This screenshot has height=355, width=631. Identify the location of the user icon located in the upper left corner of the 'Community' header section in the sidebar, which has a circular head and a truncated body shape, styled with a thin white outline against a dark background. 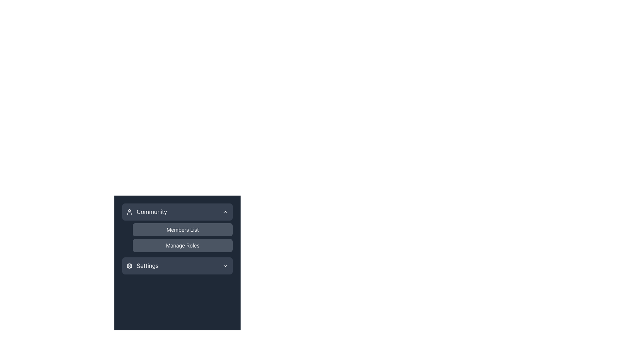
(129, 212).